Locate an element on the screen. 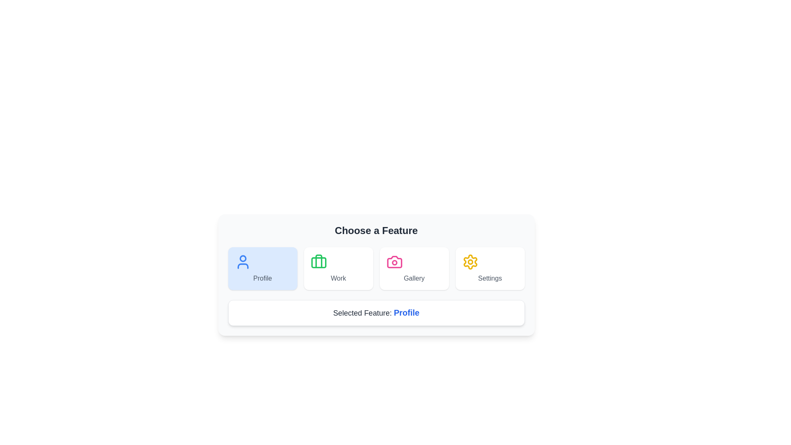  the 'Work' button, which is the second button in a four-item horizontal grid layout, located between the 'Profile' and 'Gallery' buttons, to trigger any hover-specific effects is located at coordinates (338, 268).